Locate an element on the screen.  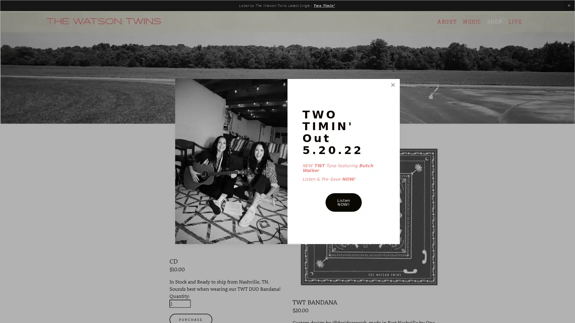
Close is located at coordinates (393, 85).